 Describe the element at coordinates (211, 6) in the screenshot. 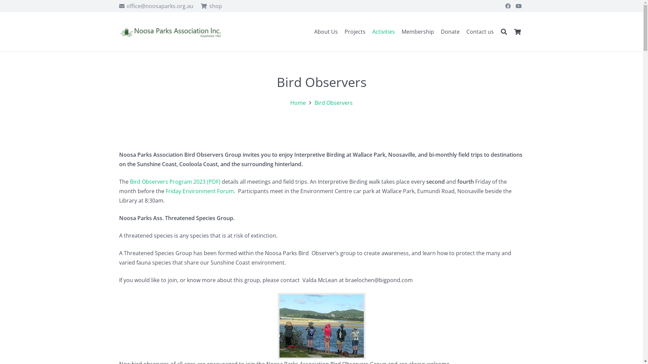

I see `'shop'` at that location.